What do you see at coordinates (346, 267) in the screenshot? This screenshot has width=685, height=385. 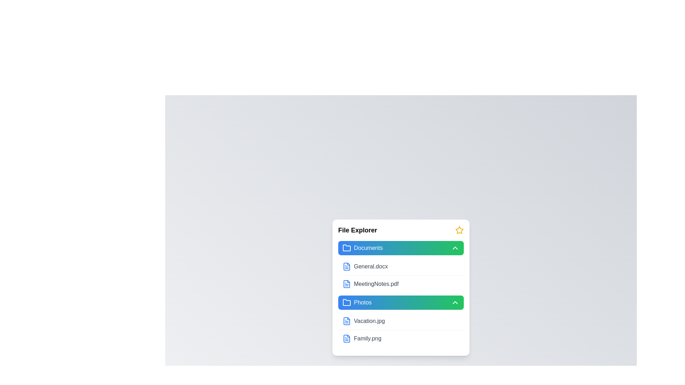 I see `the file General.docx to select it` at bounding box center [346, 267].